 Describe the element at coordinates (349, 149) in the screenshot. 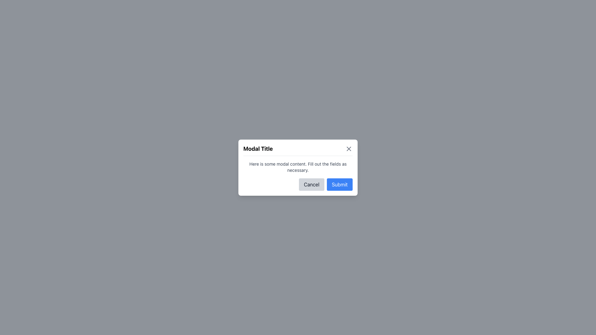

I see `the close button located in the modal dialog header to change its appearance` at that location.